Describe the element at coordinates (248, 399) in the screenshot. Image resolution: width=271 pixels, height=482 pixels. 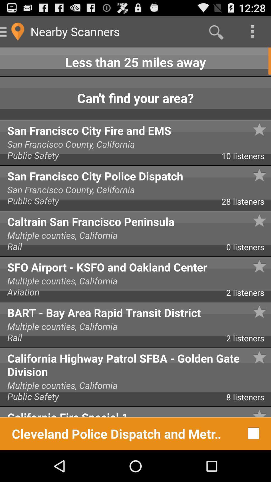
I see `the item below the multiple counties, california` at that location.